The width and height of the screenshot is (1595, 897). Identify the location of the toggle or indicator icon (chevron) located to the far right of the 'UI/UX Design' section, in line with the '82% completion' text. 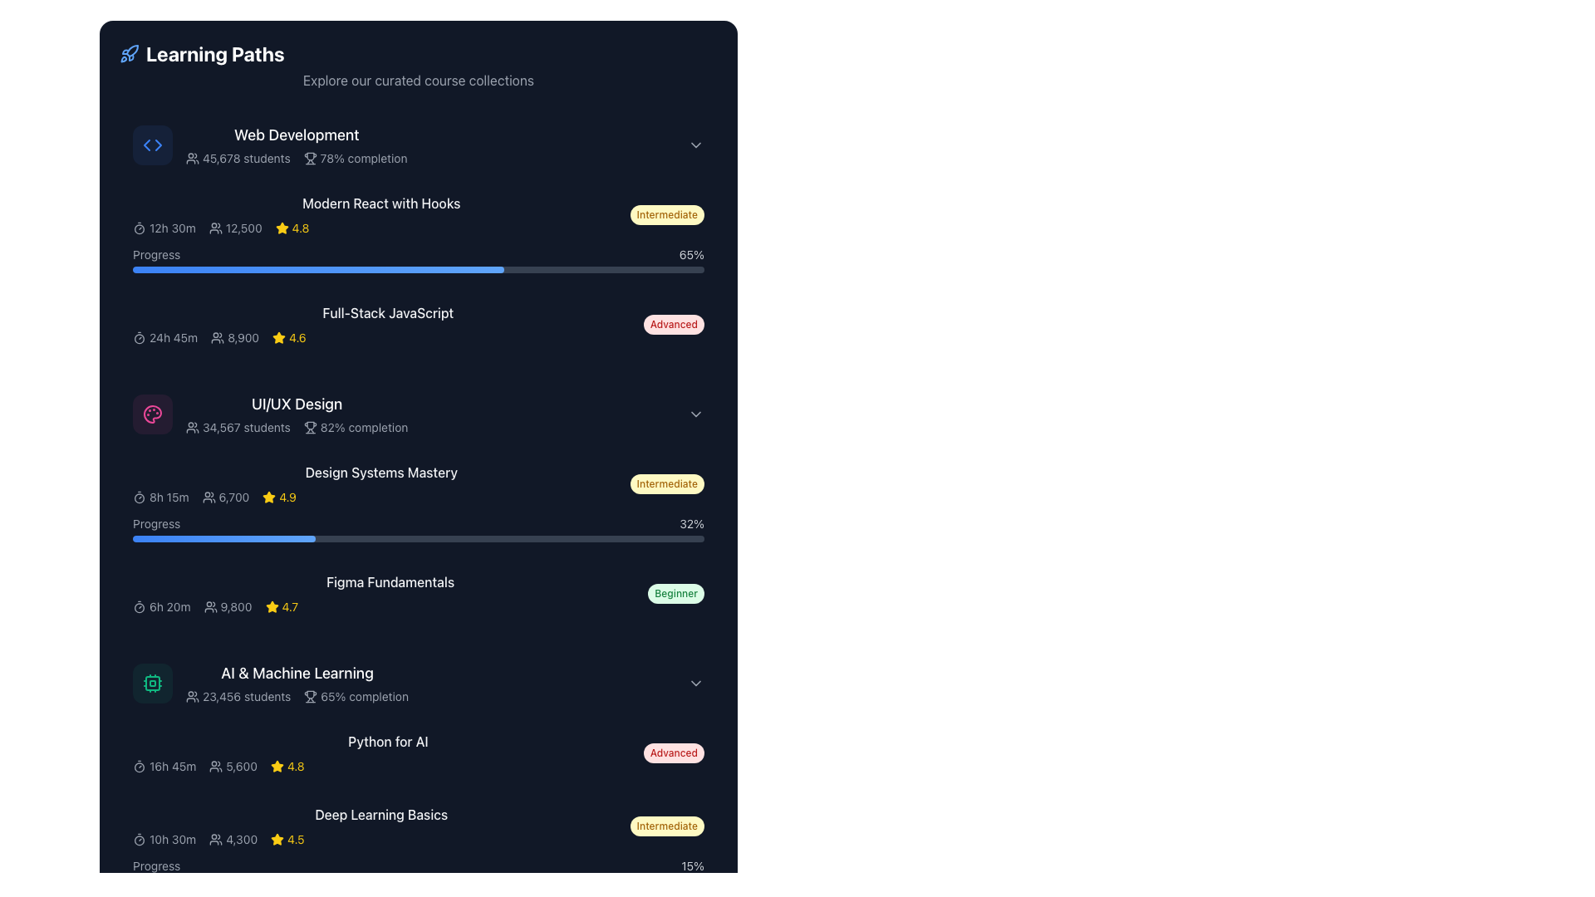
(696, 413).